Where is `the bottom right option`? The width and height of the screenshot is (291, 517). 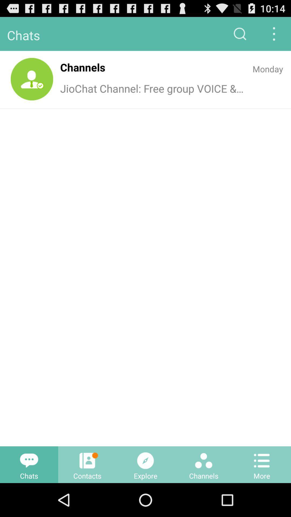
the bottom right option is located at coordinates (262, 464).